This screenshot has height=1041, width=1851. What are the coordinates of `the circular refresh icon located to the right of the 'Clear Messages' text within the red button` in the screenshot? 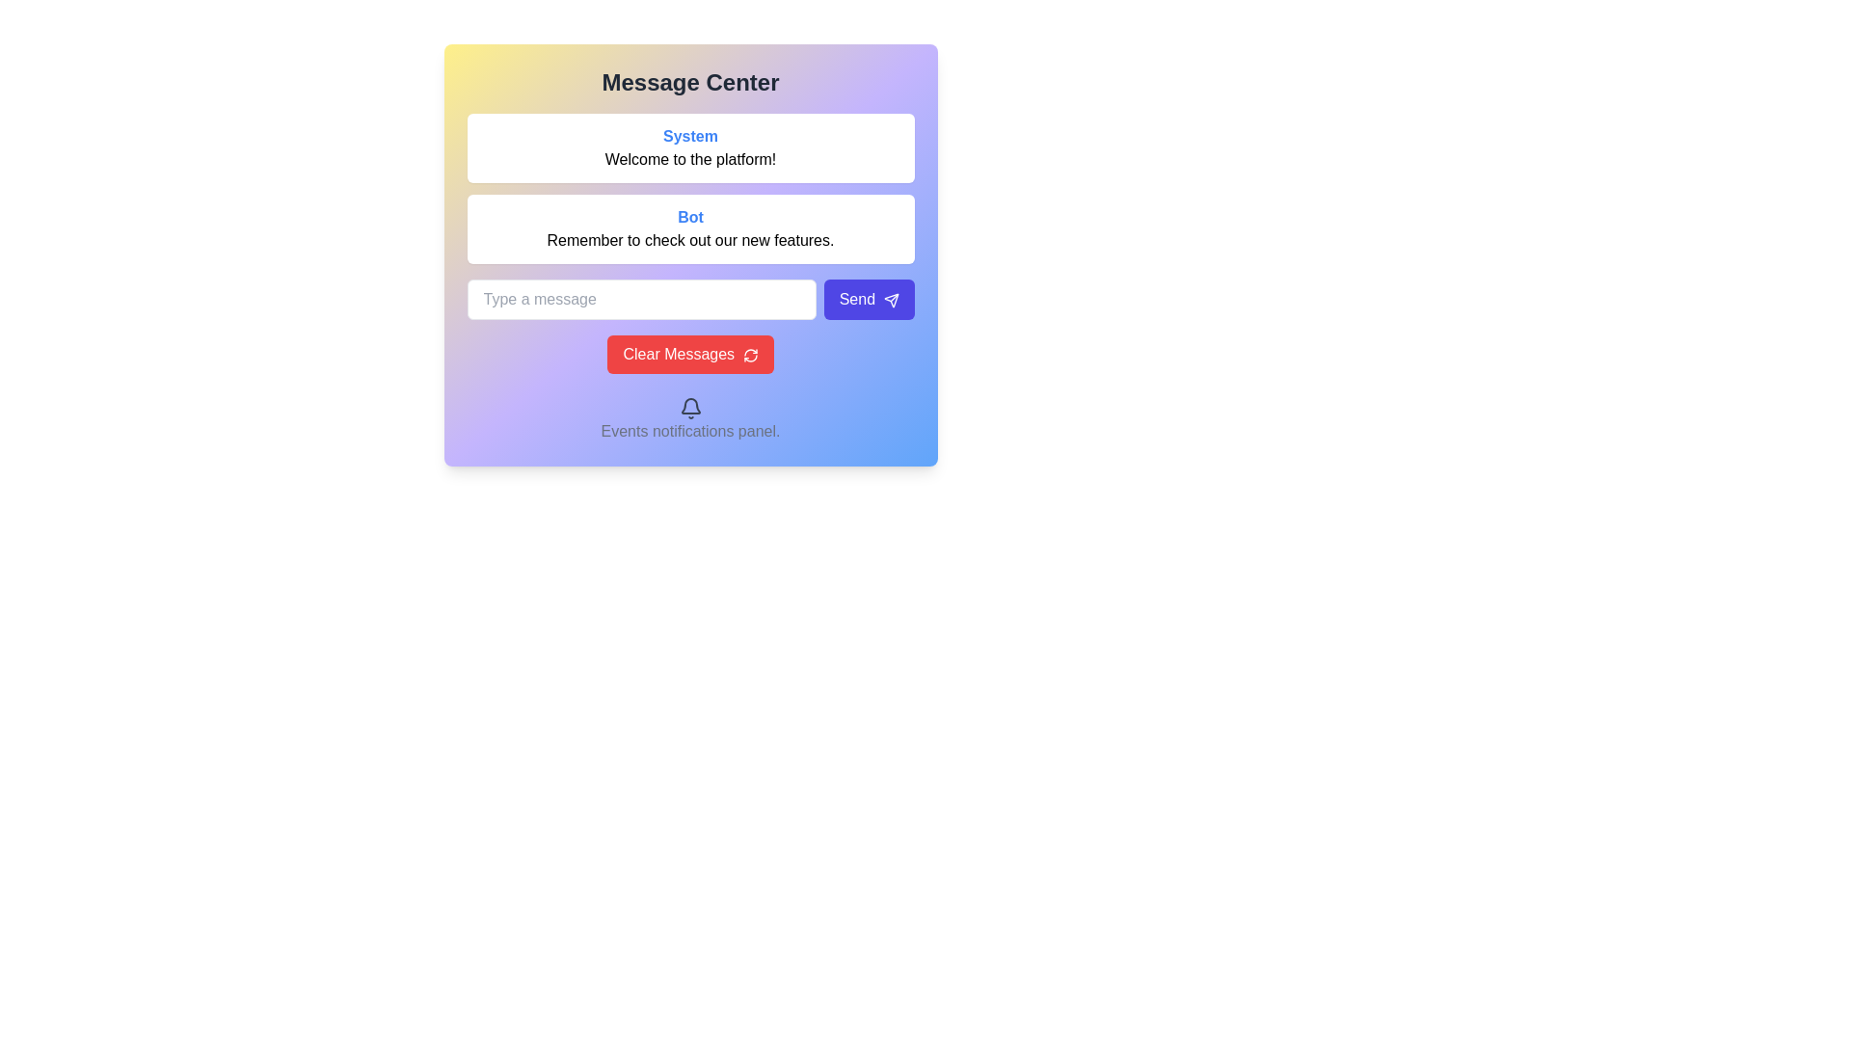 It's located at (749, 355).